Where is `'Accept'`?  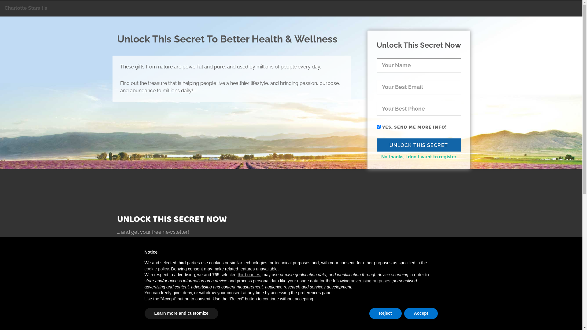
'Accept' is located at coordinates (421, 313).